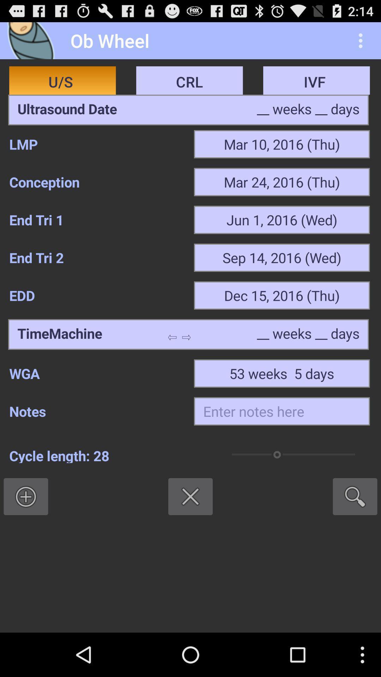  What do you see at coordinates (33, 40) in the screenshot?
I see `homescreen` at bounding box center [33, 40].